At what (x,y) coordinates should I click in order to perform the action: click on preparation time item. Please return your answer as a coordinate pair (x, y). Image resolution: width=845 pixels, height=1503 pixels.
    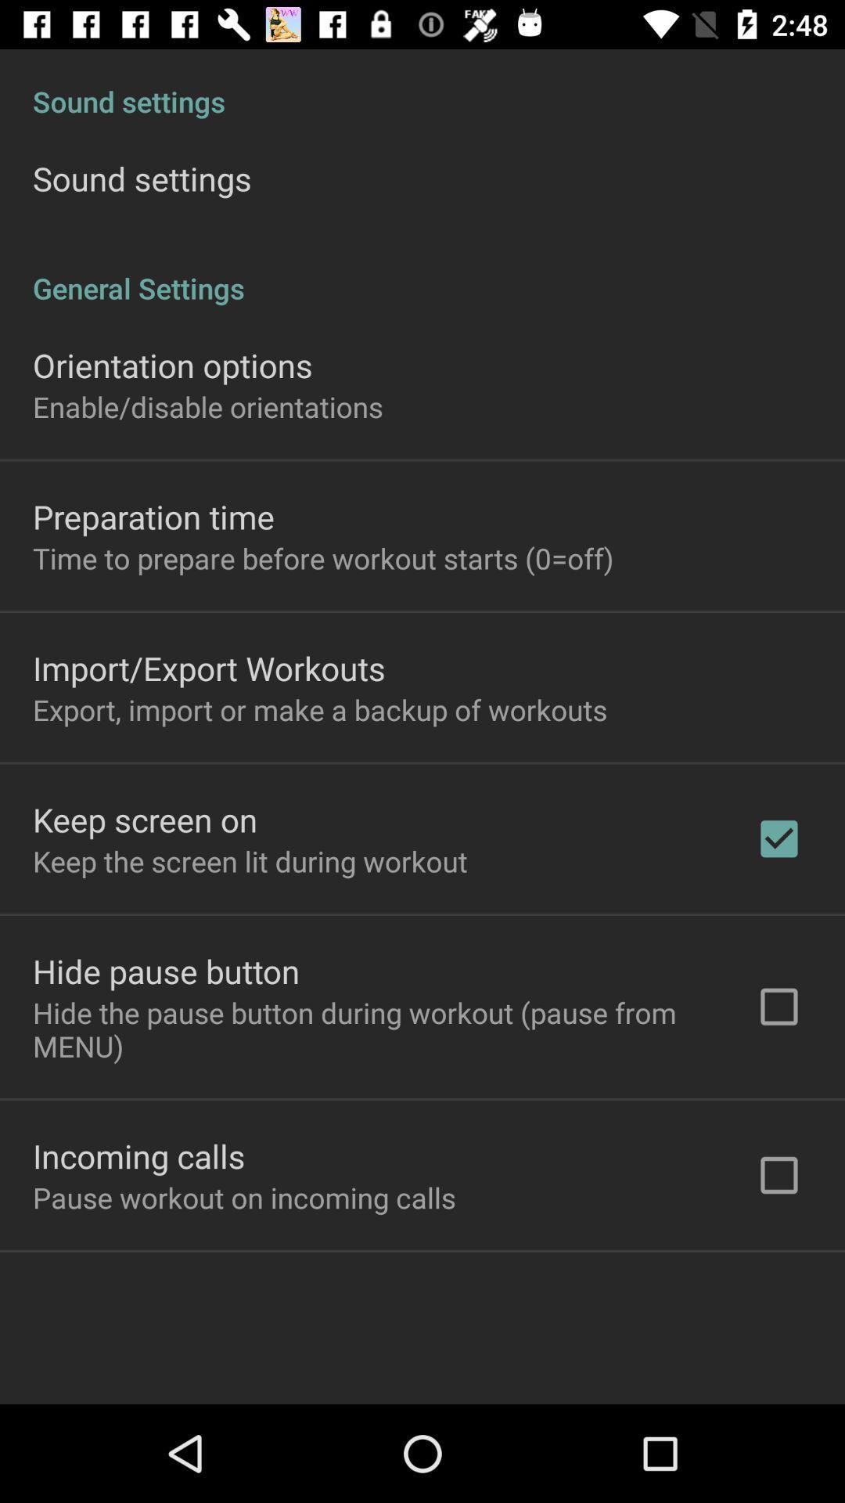
    Looking at the image, I should click on (153, 517).